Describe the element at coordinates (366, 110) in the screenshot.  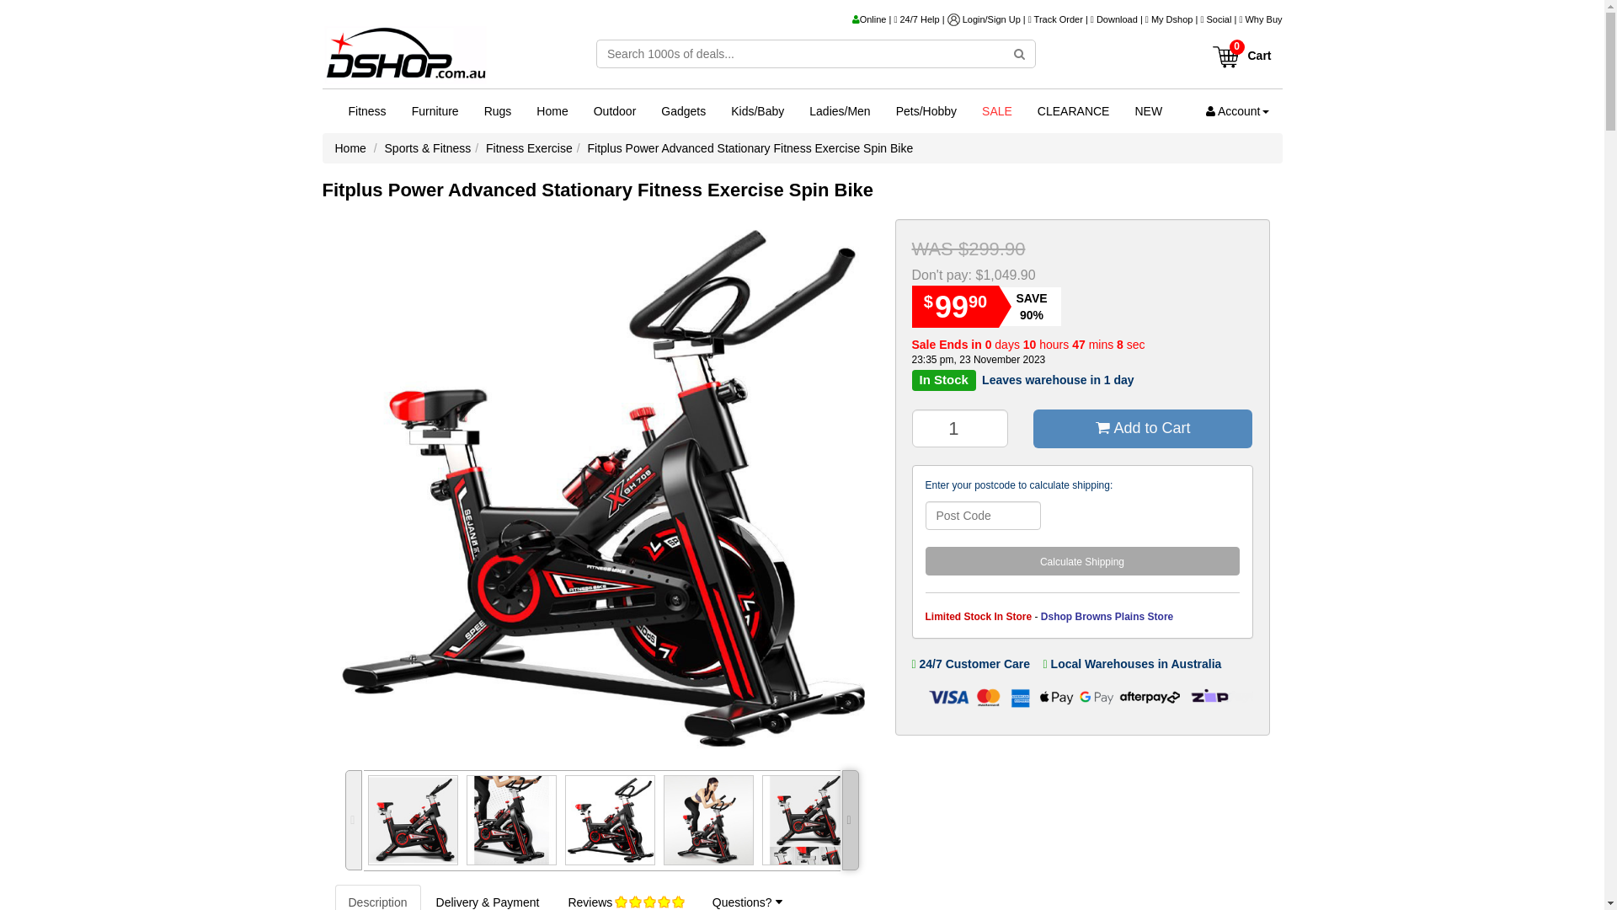
I see `'Fitness'` at that location.